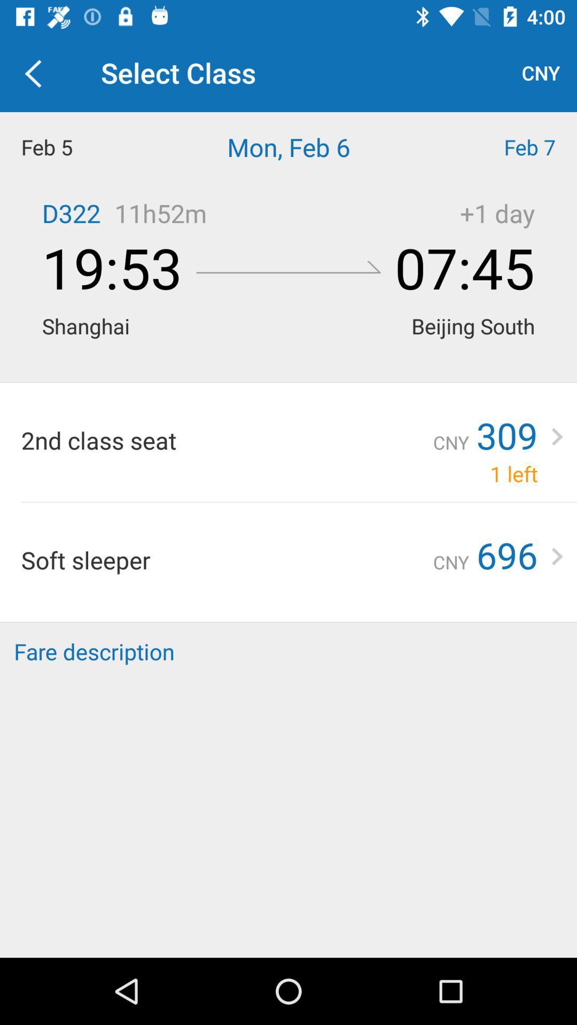 The image size is (577, 1025). What do you see at coordinates (513, 473) in the screenshot?
I see `the 1 left` at bounding box center [513, 473].